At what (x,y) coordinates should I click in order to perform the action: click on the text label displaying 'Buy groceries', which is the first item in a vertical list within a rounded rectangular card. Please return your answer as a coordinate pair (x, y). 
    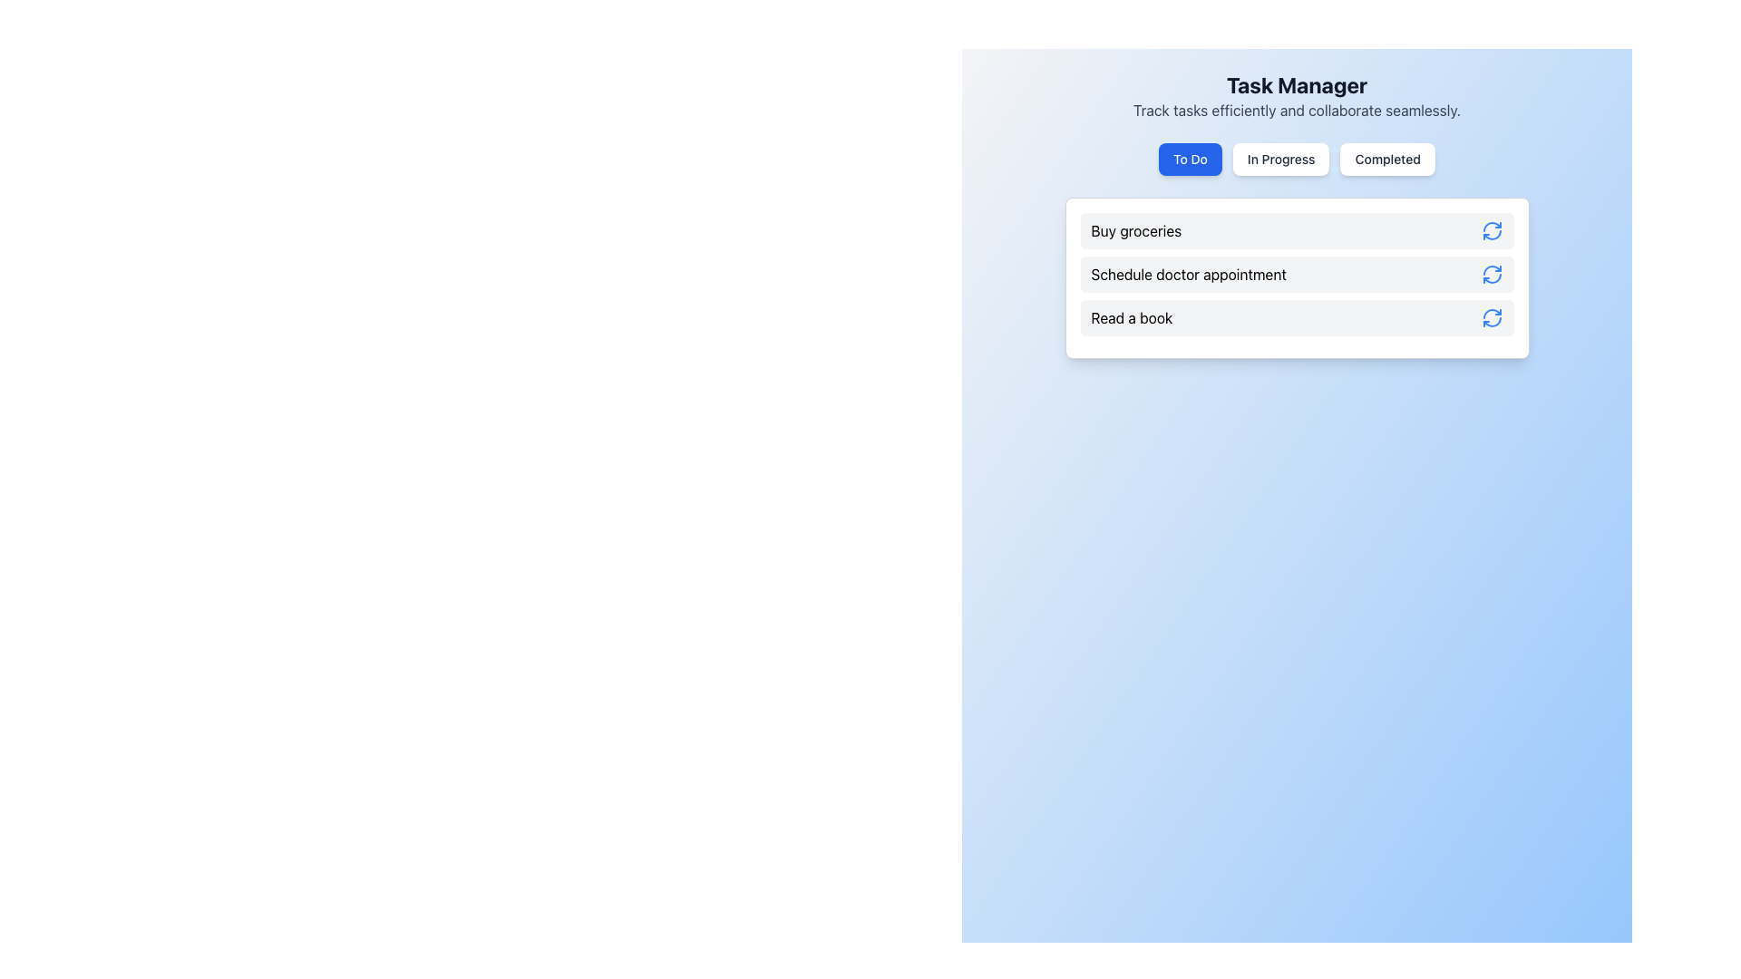
    Looking at the image, I should click on (1135, 229).